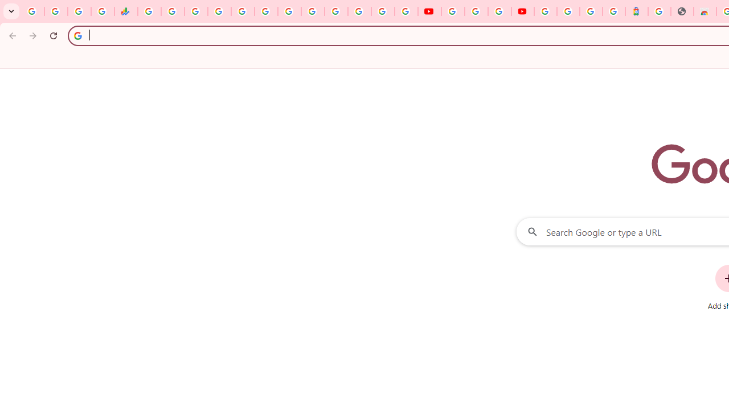 The height and width of the screenshot is (410, 729). Describe the element at coordinates (522, 11) in the screenshot. I see `'Content Creator Programs & Opportunities - YouTube Creators'` at that location.